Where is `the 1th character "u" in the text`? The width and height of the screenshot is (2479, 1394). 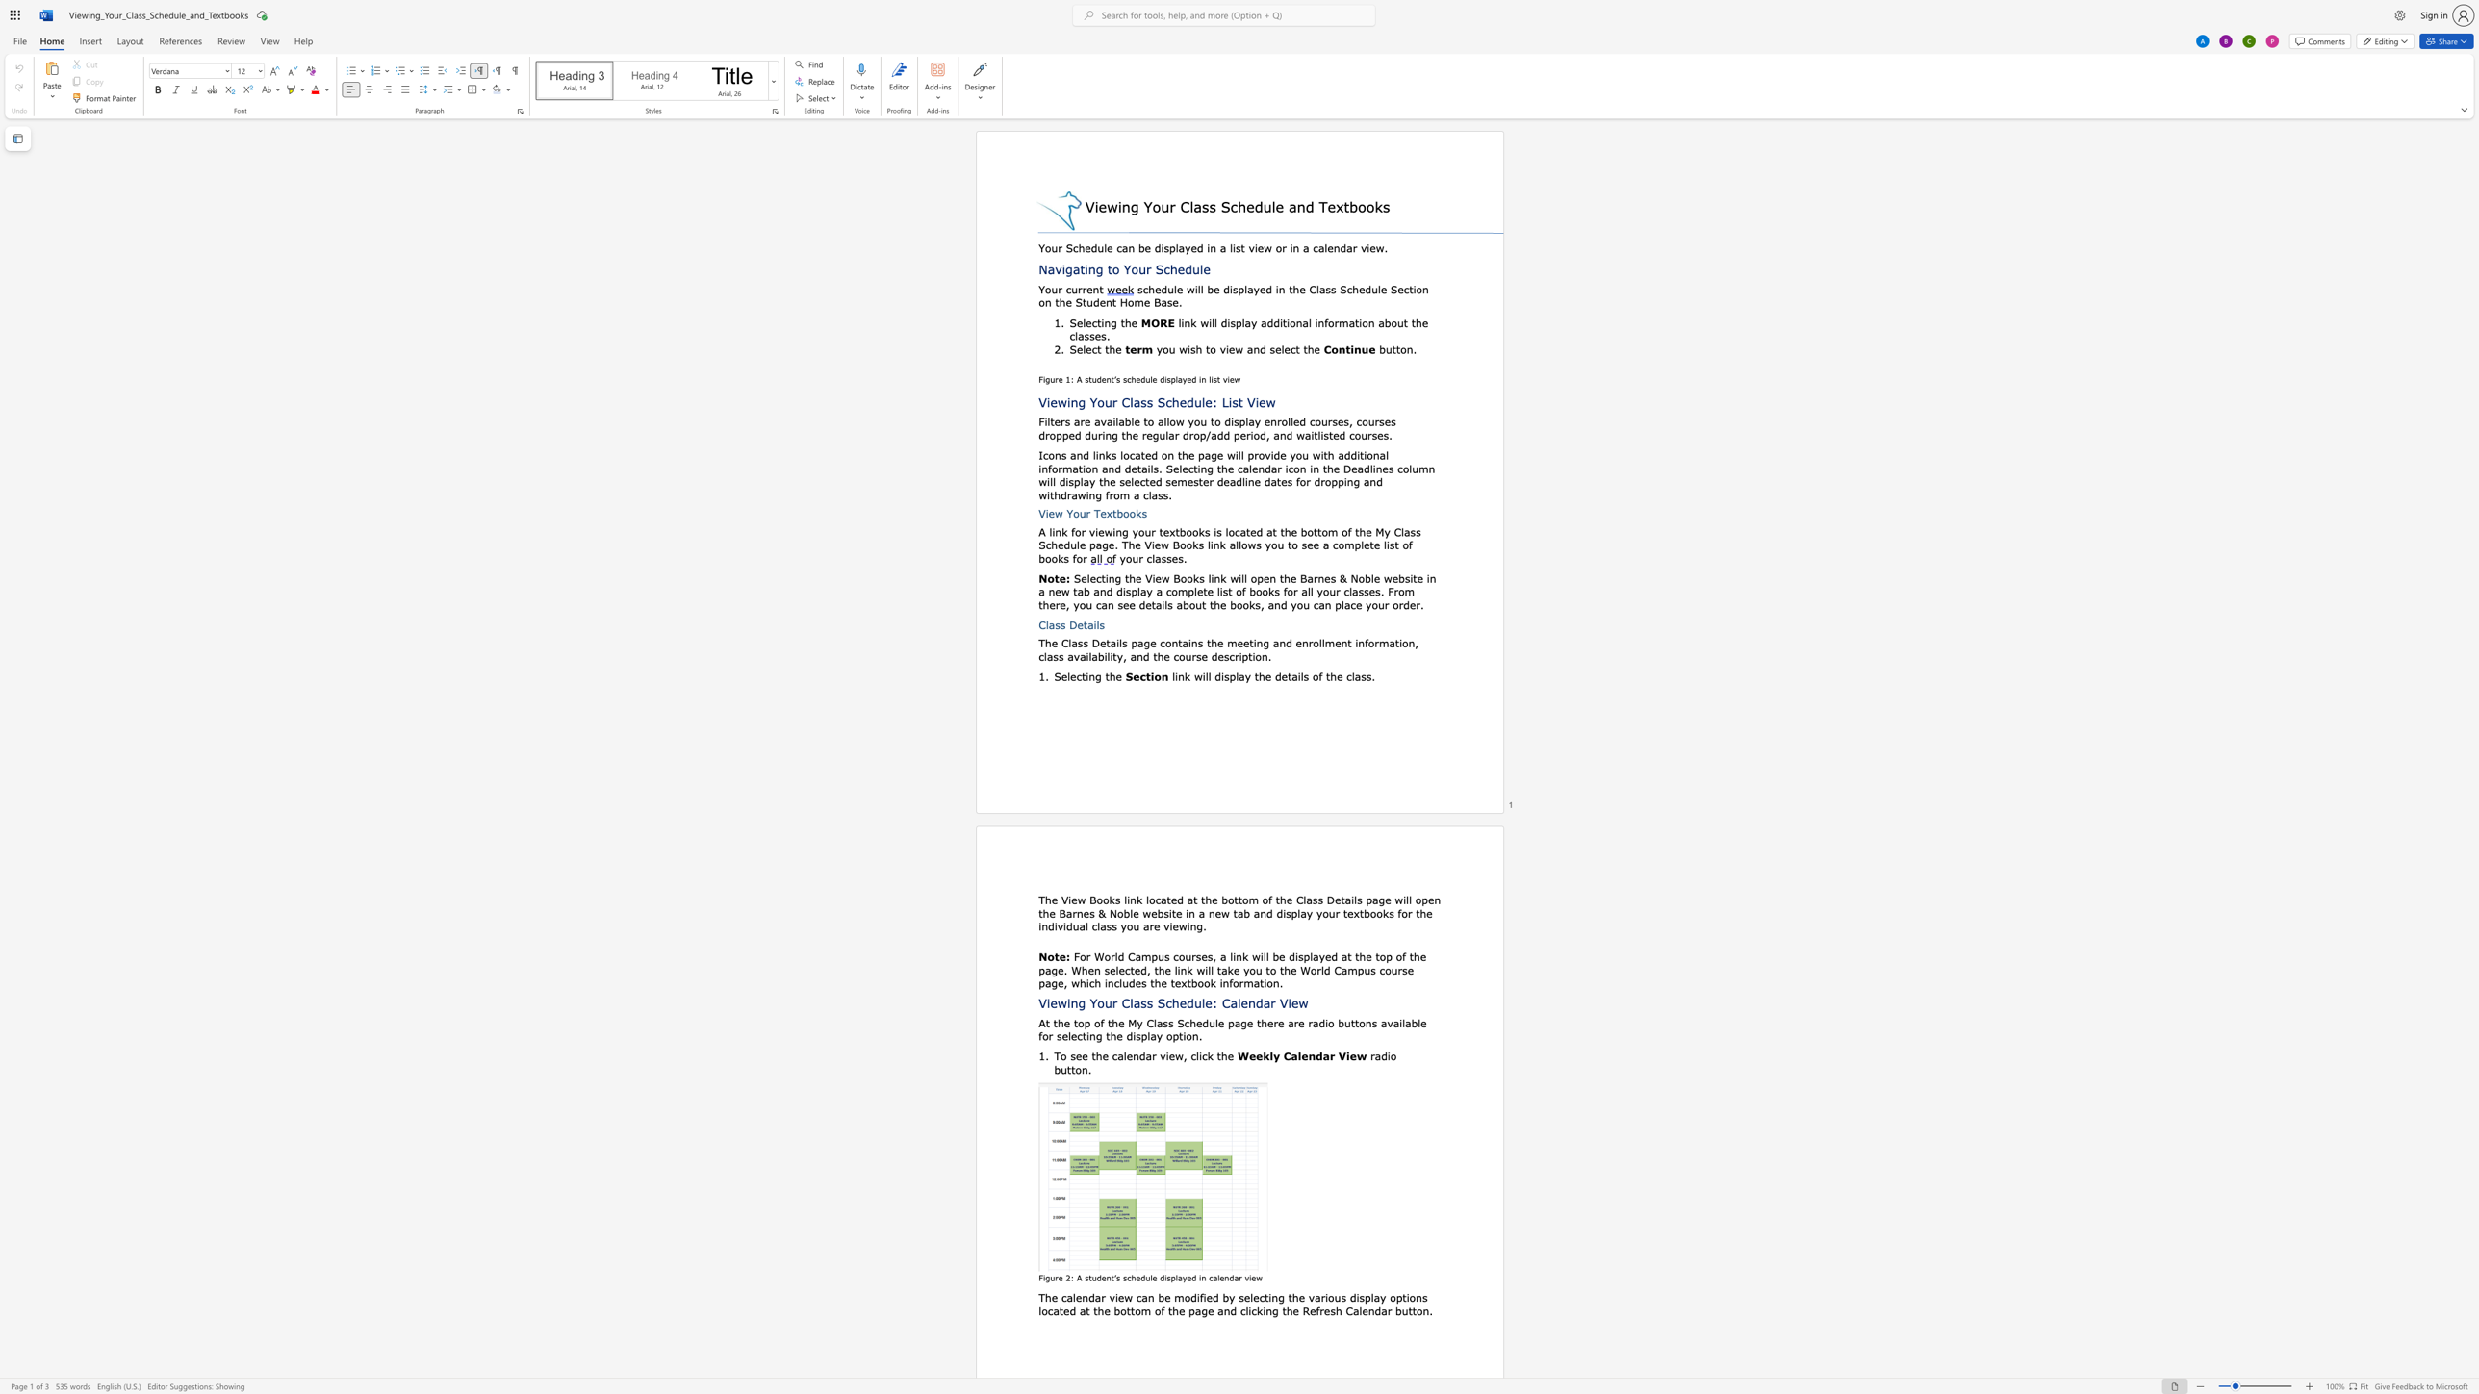
the 1th character "u" in the text is located at coordinates (1147, 530).